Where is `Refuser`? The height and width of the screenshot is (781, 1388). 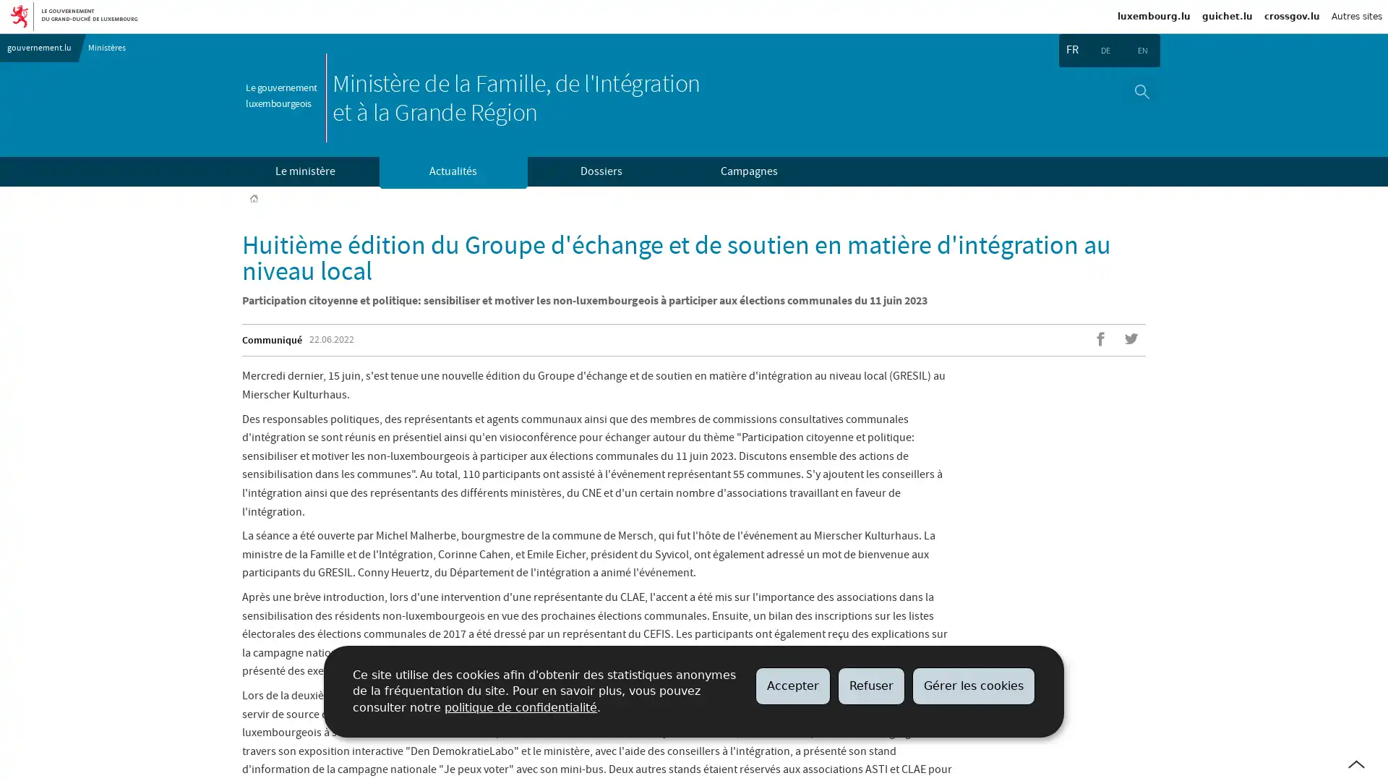 Refuser is located at coordinates (870, 685).